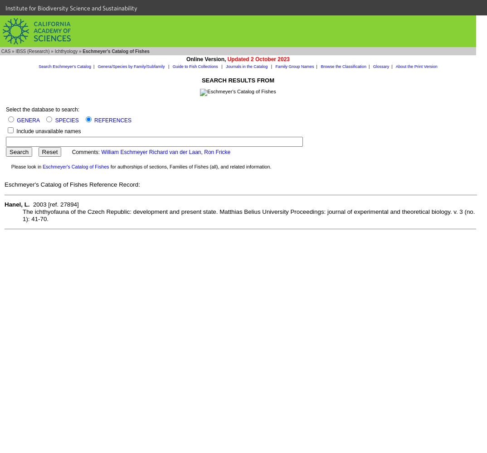  What do you see at coordinates (373, 67) in the screenshot?
I see `'Glossary'` at bounding box center [373, 67].